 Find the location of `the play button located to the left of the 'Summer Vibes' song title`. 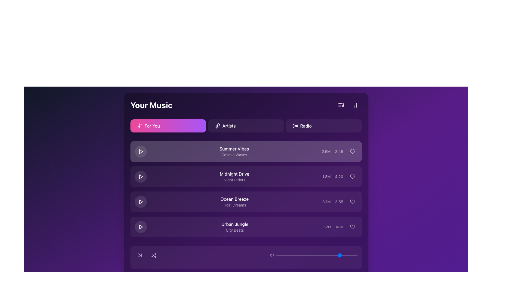

the play button located to the left of the 'Summer Vibes' song title is located at coordinates (141, 152).